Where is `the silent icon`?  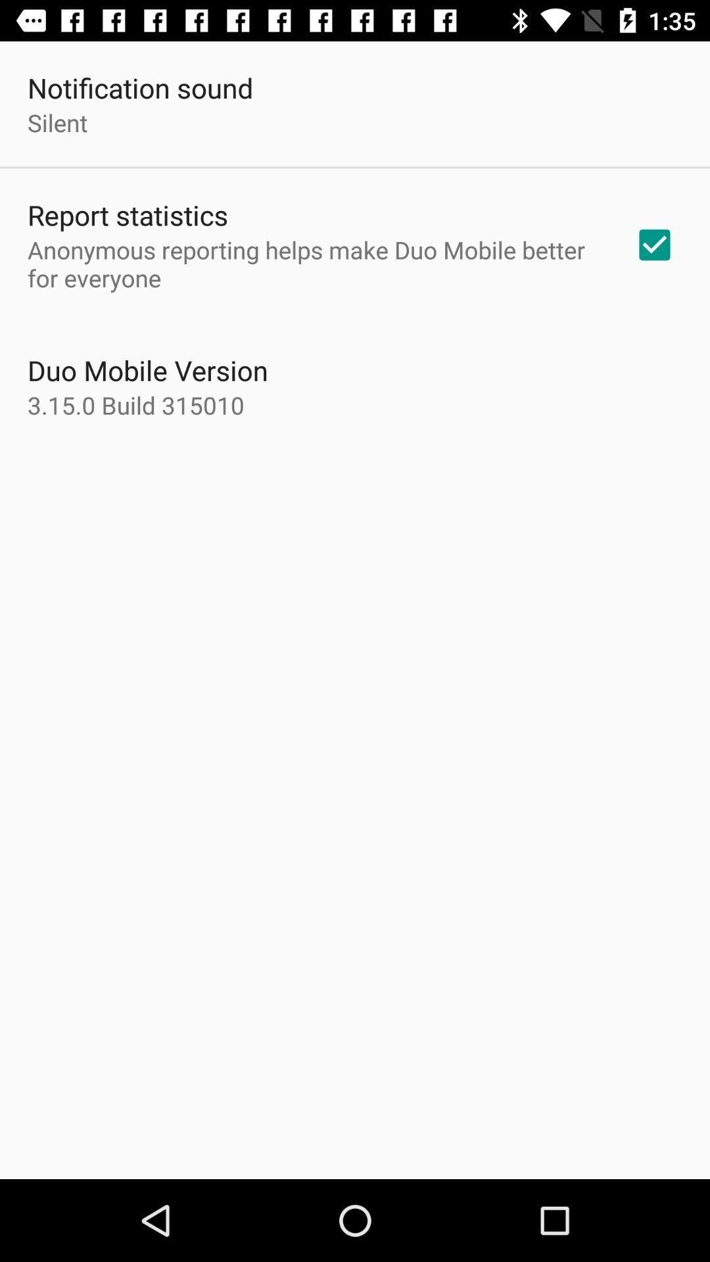 the silent icon is located at coordinates (57, 122).